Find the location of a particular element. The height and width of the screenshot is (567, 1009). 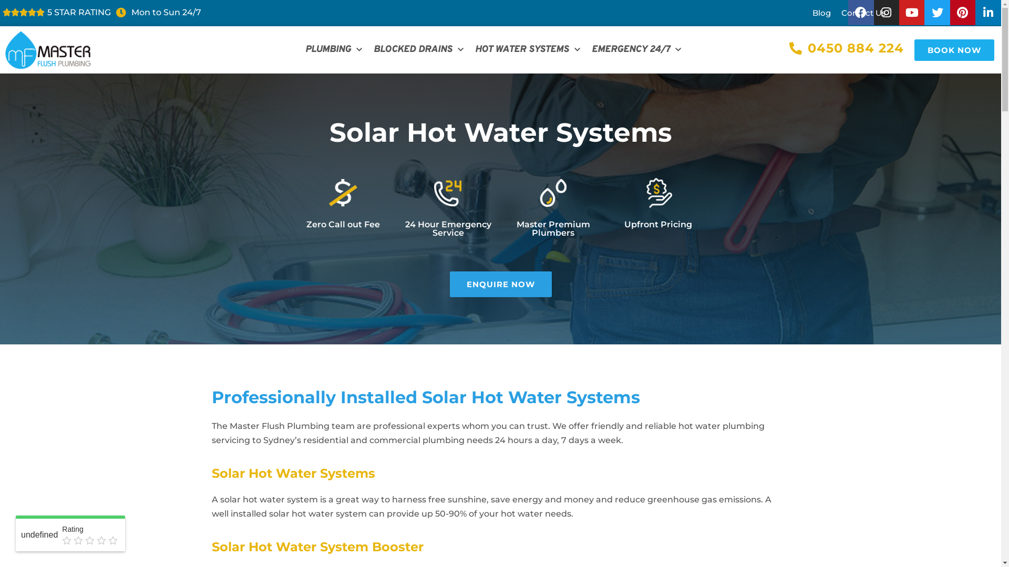

'0450 884 224' is located at coordinates (847, 48).